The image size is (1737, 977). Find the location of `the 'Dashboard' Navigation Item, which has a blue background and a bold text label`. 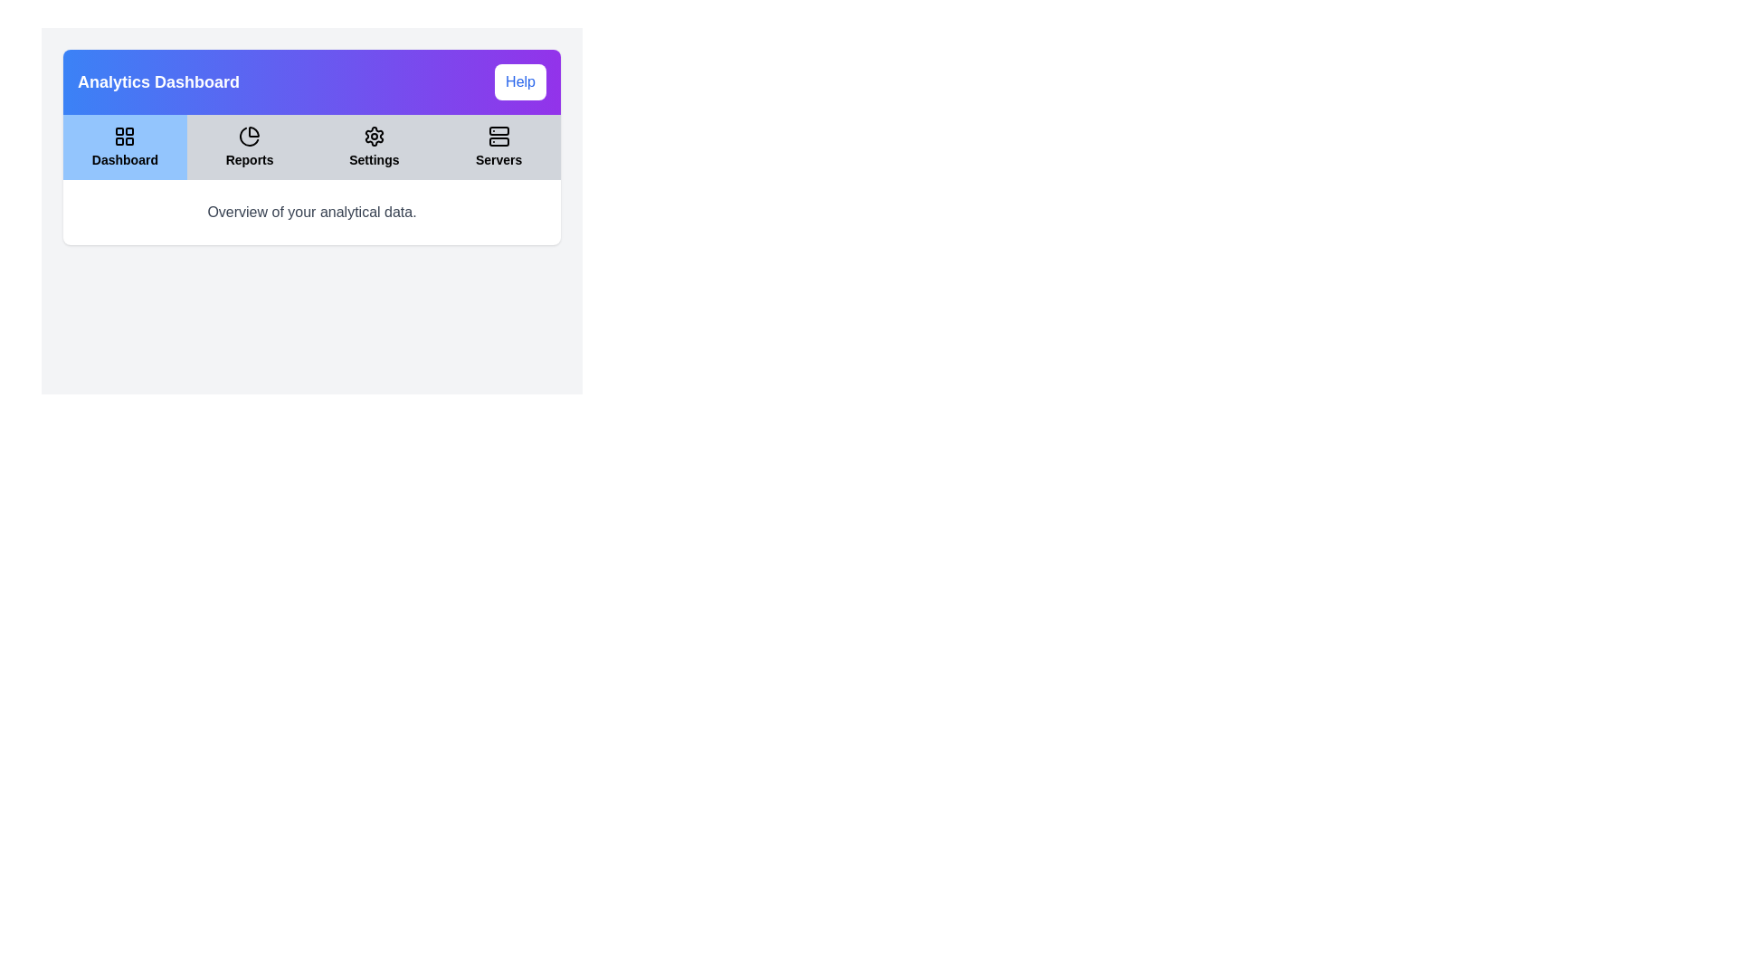

the 'Dashboard' Navigation Item, which has a blue background and a bold text label is located at coordinates (124, 146).